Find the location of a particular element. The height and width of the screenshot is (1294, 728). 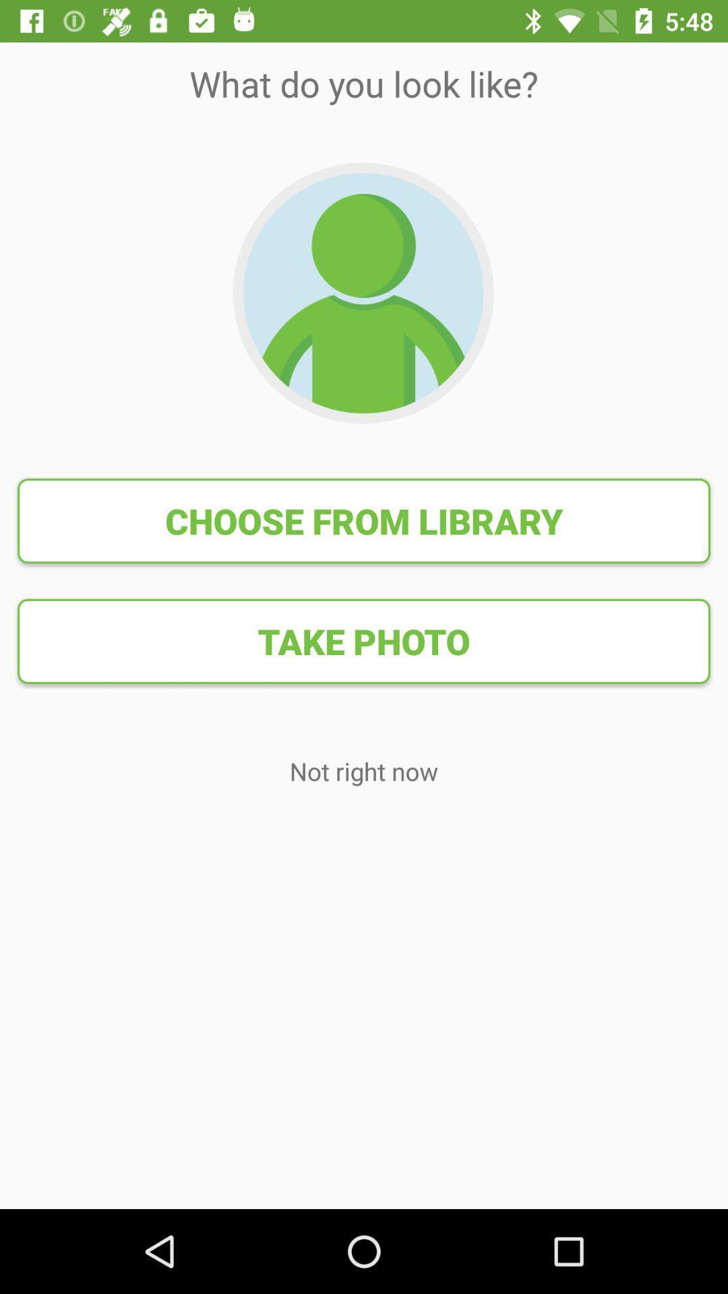

the item above not right now icon is located at coordinates (364, 640).